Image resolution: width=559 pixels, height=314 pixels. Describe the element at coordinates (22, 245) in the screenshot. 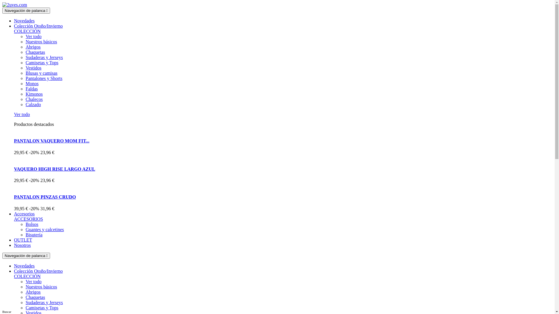

I see `'Nosotros'` at that location.